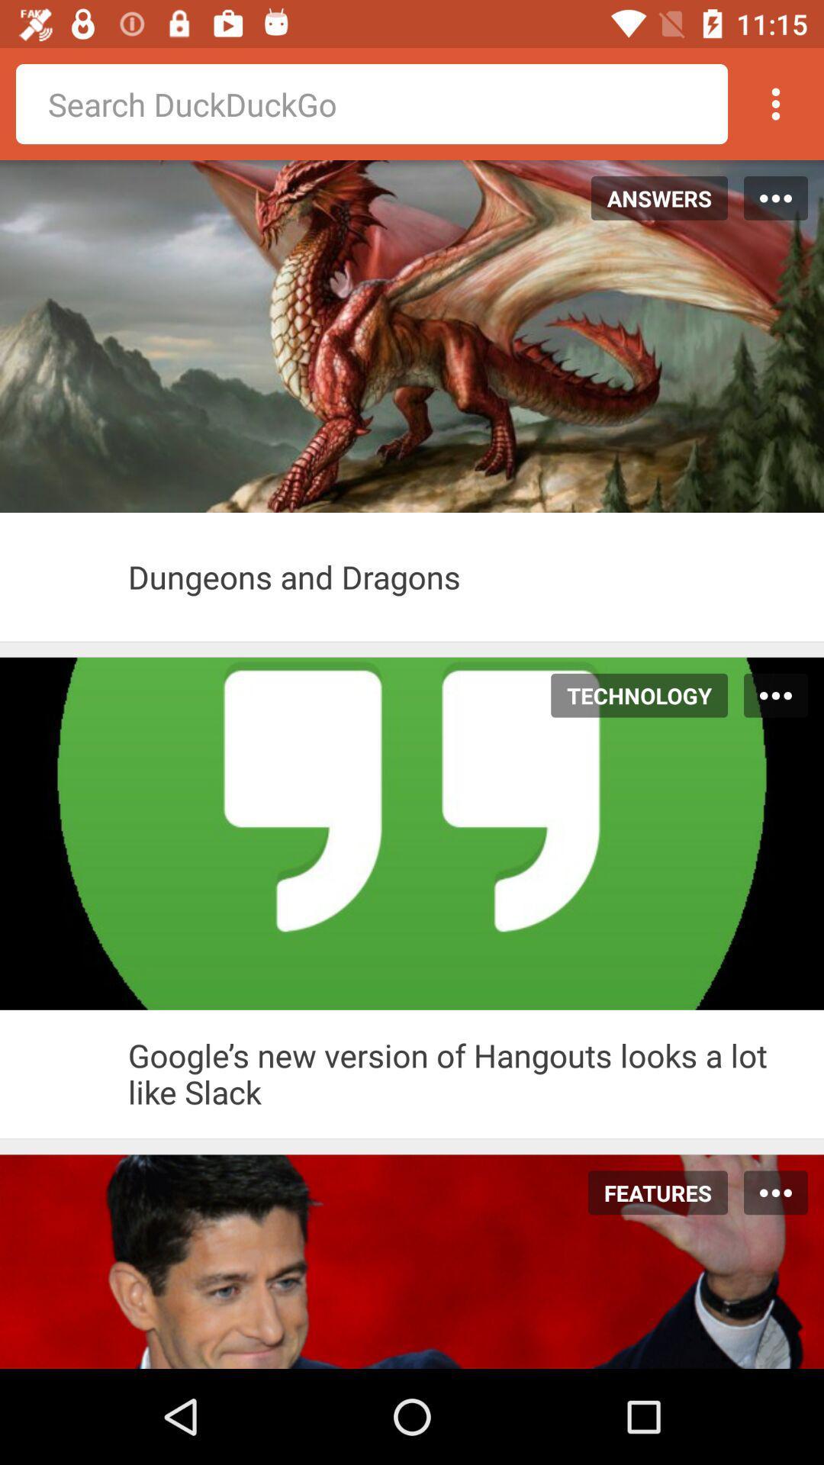 Image resolution: width=824 pixels, height=1465 pixels. I want to click on button right to answers at top right, so click(776, 197).